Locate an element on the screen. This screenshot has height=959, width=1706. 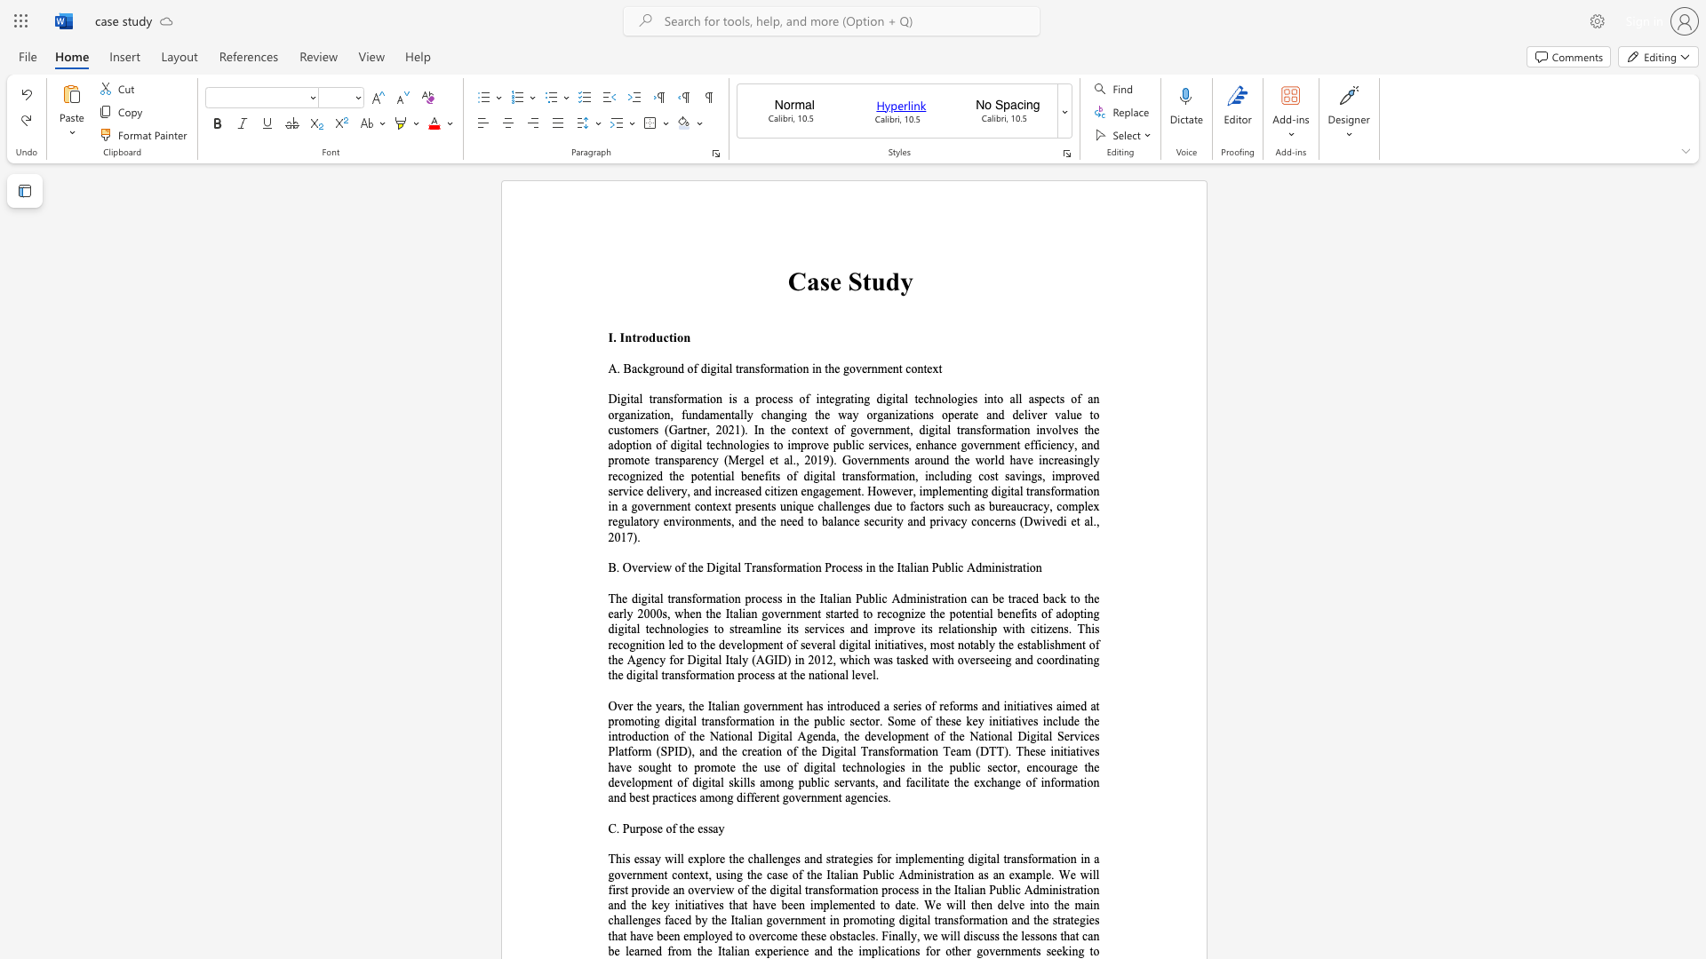
the 1th character "m" in the text is located at coordinates (778, 368).